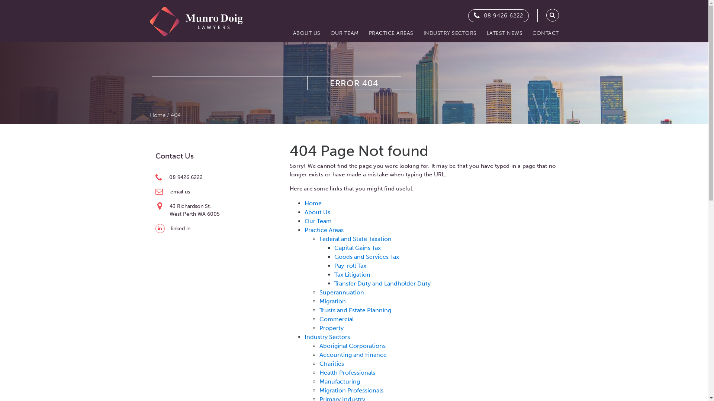  What do you see at coordinates (390, 33) in the screenshot?
I see `'PRACTICE AREAS'` at bounding box center [390, 33].